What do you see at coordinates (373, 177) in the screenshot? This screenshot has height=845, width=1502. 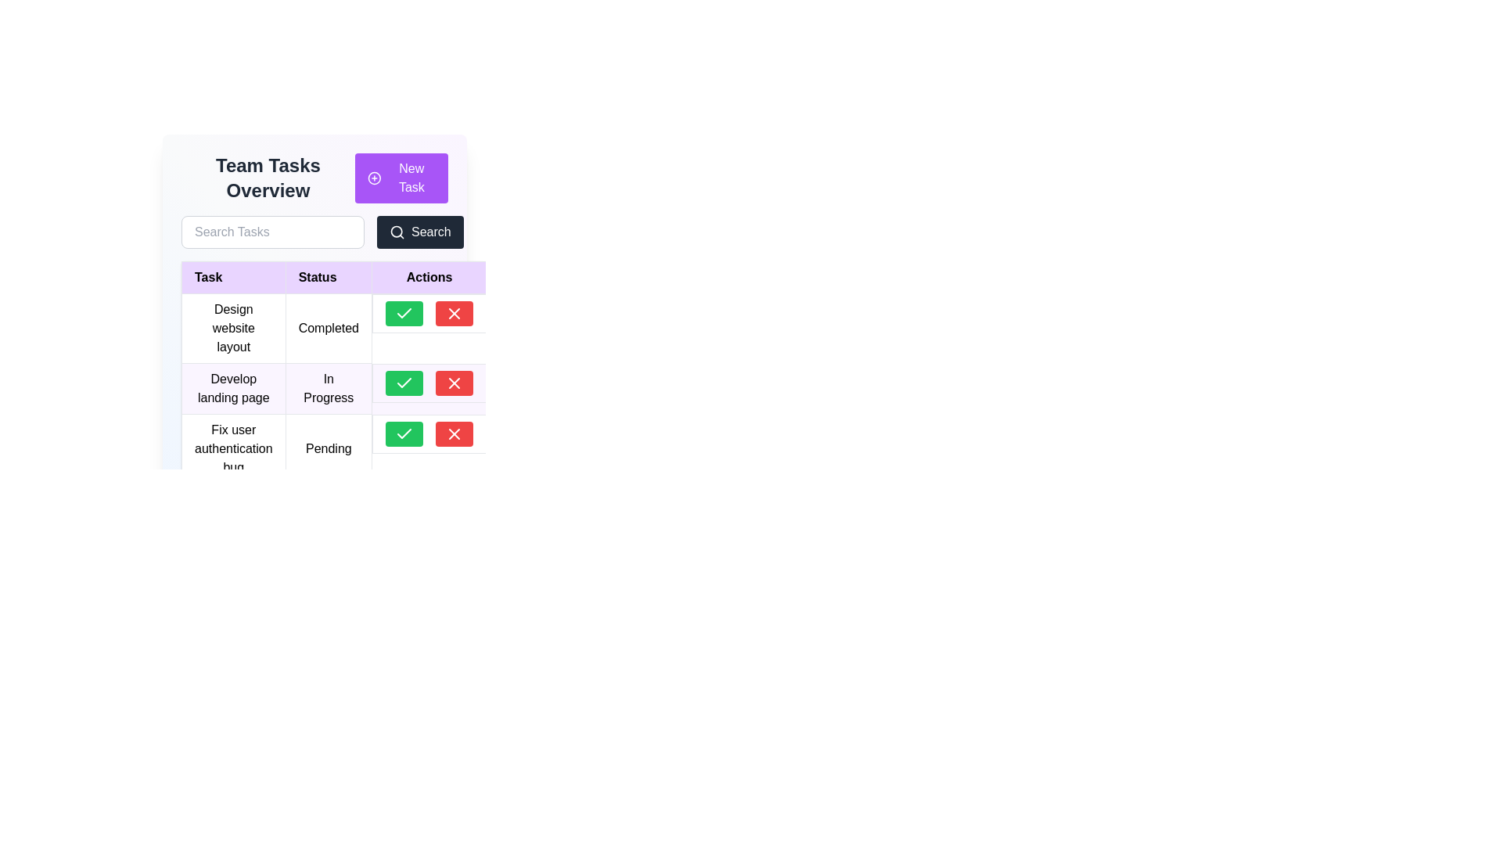 I see `the circular icon with a plus symbol inside, located within the 'New Task' button at the top right of the interface, near the 'Team Tasks Overview' title` at bounding box center [373, 177].